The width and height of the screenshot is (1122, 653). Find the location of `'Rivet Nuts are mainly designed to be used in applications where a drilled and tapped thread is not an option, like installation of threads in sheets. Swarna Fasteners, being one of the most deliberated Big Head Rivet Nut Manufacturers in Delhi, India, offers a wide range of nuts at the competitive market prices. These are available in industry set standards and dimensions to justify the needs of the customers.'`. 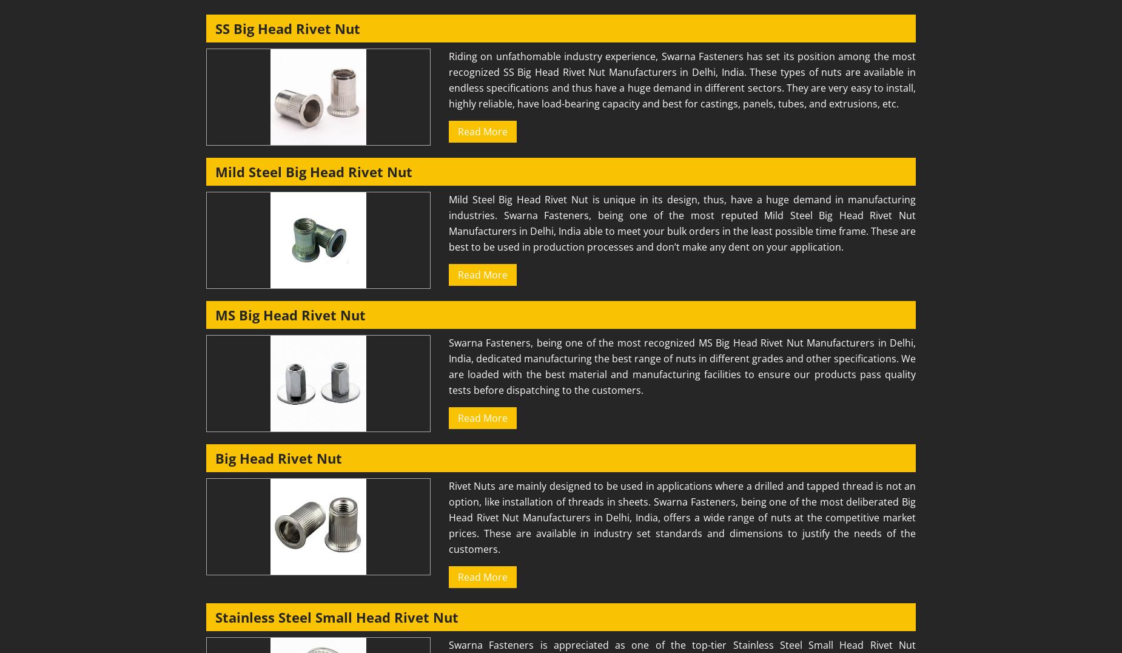

'Rivet Nuts are mainly designed to be used in applications where a drilled and tapped thread is not an option, like installation of threads in sheets. Swarna Fasteners, being one of the most deliberated Big Head Rivet Nut Manufacturers in Delhi, India, offers a wide range of nuts at the competitive market prices. These are available in industry set standards and dimensions to justify the needs of the customers.' is located at coordinates (449, 518).